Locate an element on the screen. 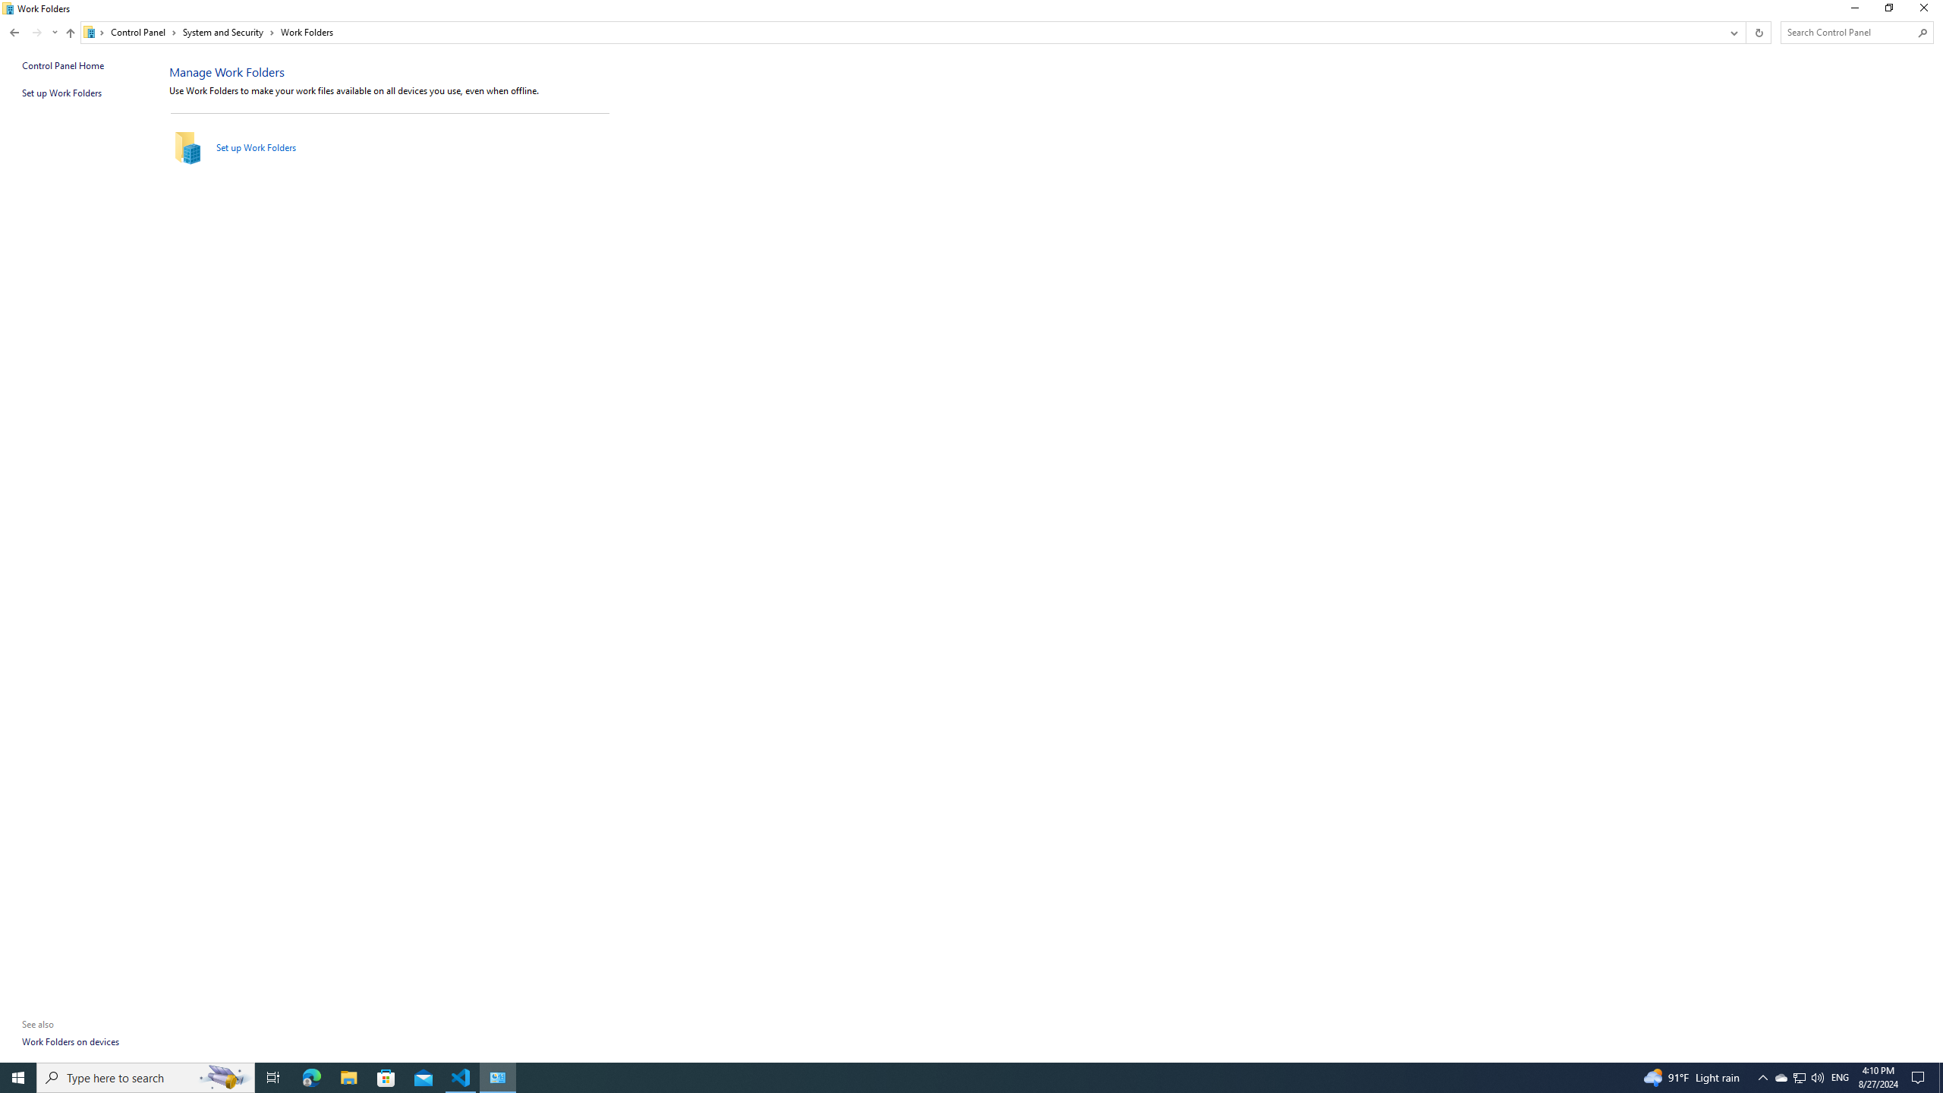 Image resolution: width=1943 pixels, height=1093 pixels. 'Address band toolbar' is located at coordinates (1745, 32).